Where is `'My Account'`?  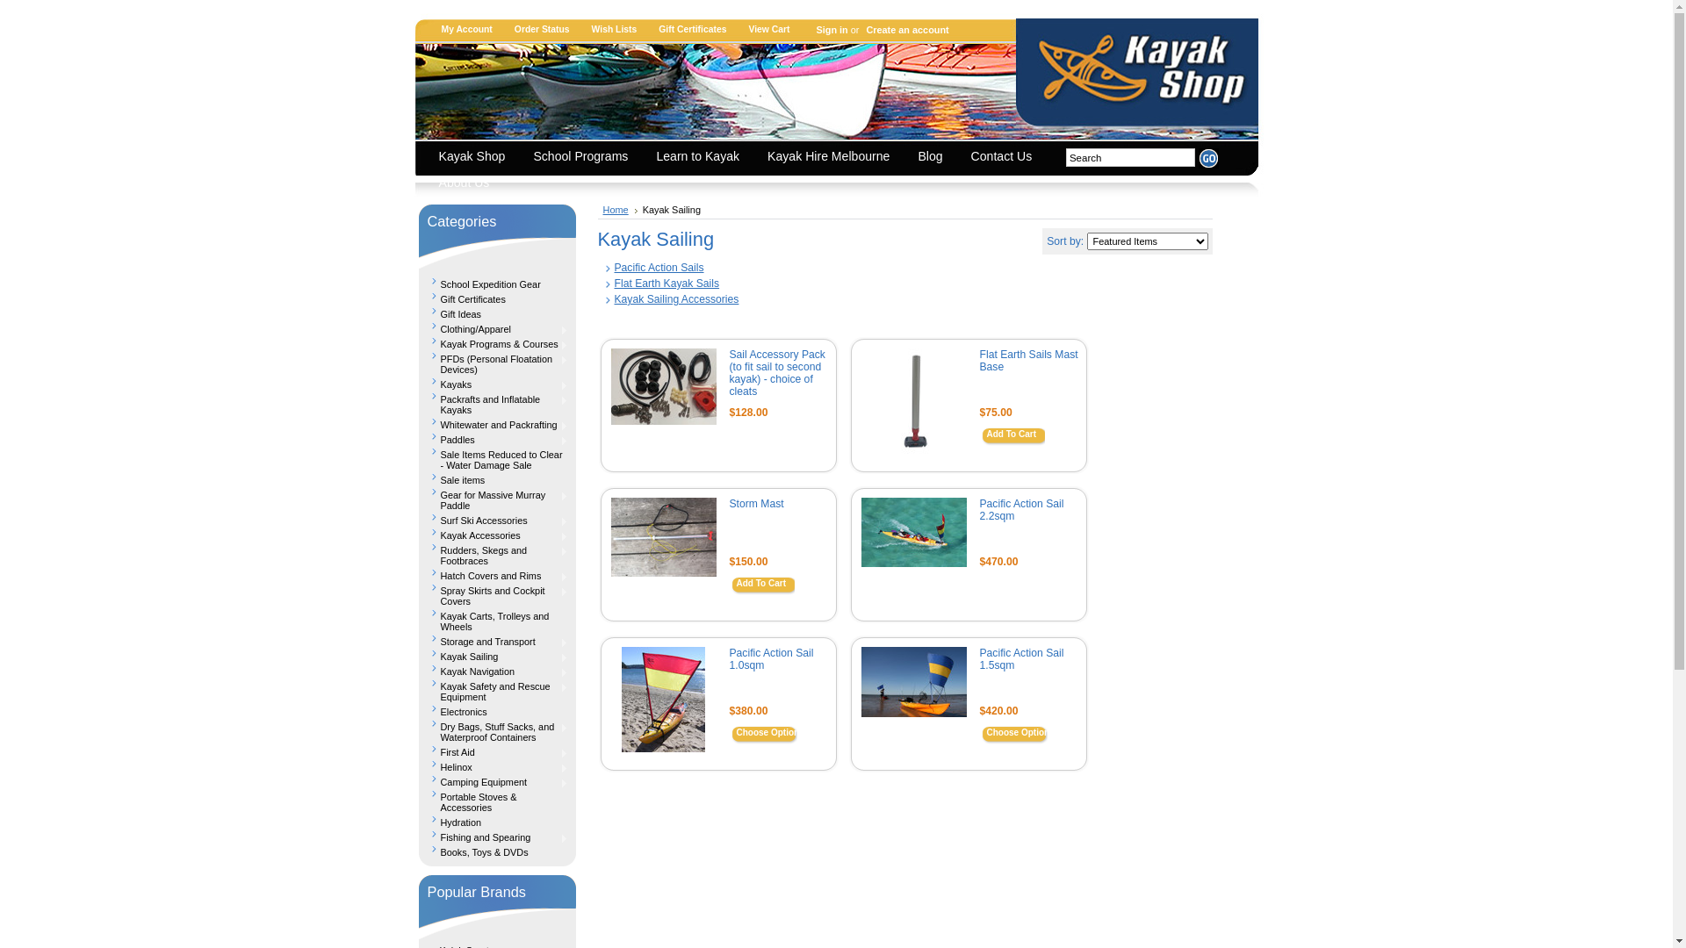
'My Account' is located at coordinates (473, 29).